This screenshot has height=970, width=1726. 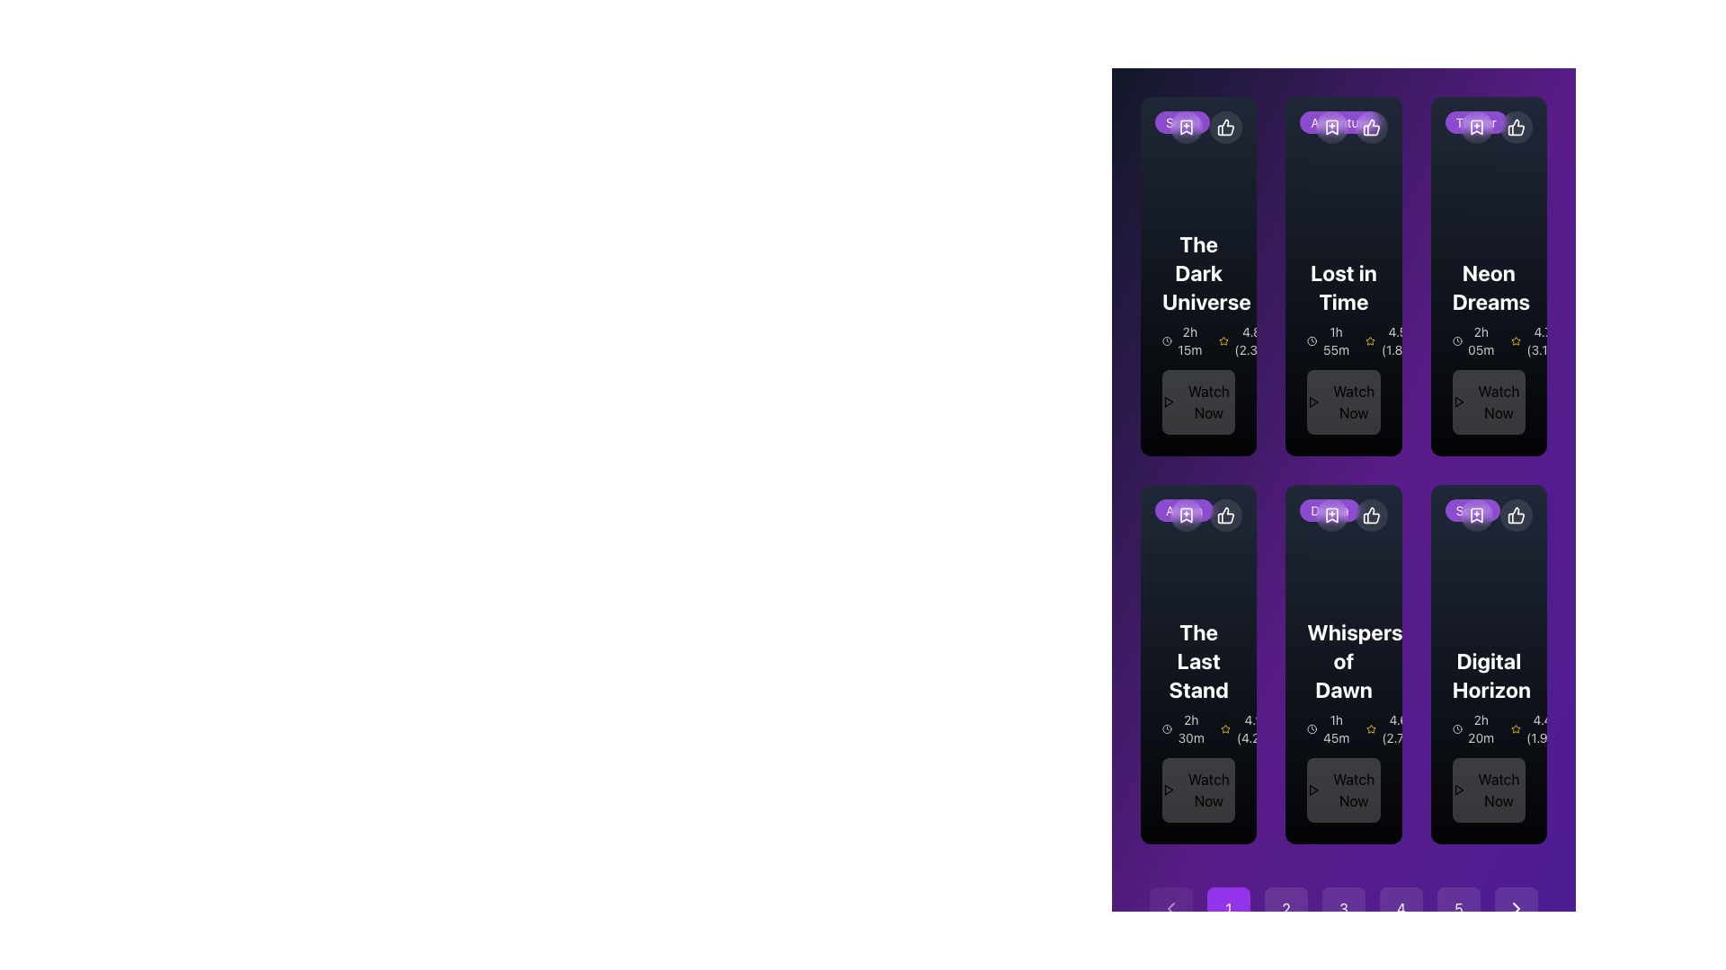 I want to click on the 'Watch Now' button located at the bottom center of the second card on the top row to initiate streaming, so click(x=1354, y=401).